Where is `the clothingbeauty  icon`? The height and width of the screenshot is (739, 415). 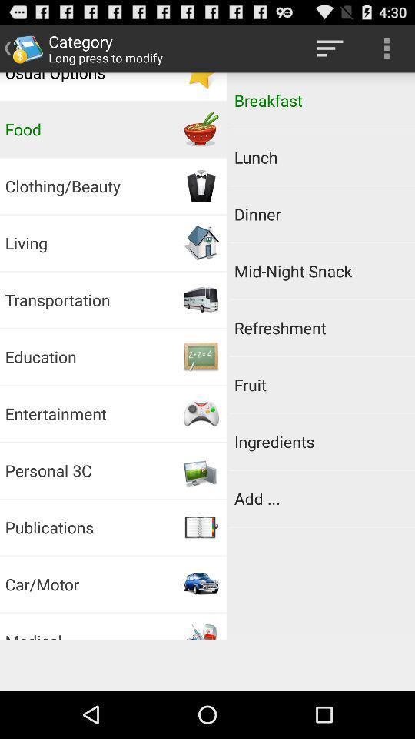 the clothingbeauty  icon is located at coordinates (201, 186).